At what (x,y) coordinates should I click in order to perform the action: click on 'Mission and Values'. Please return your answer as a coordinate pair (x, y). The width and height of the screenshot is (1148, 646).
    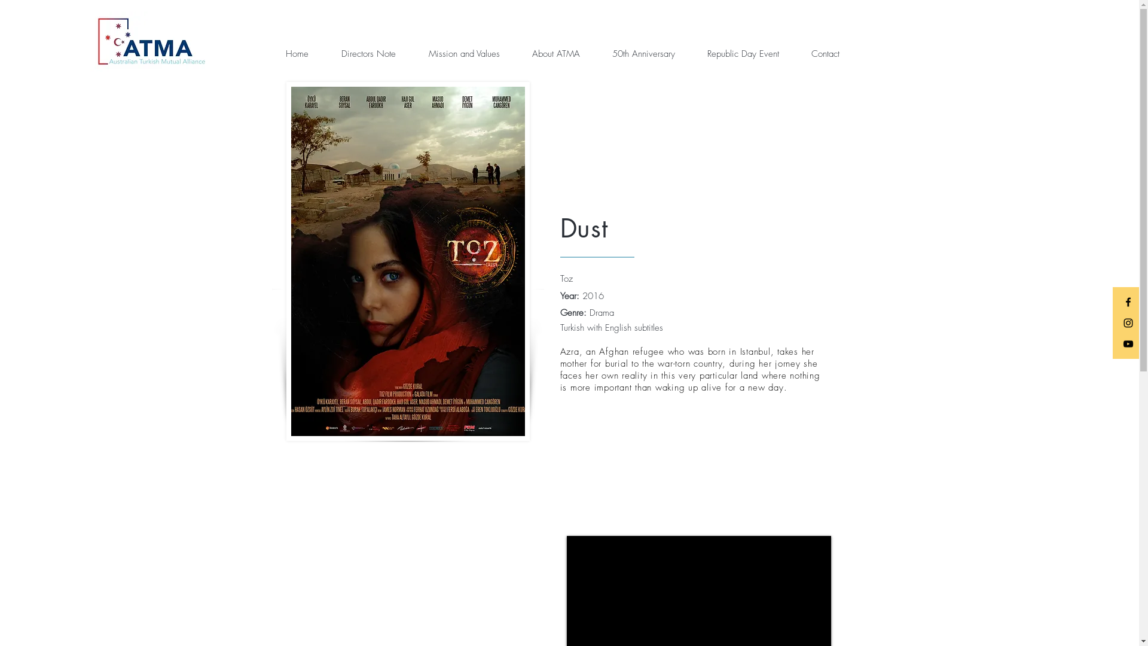
    Looking at the image, I should click on (419, 53).